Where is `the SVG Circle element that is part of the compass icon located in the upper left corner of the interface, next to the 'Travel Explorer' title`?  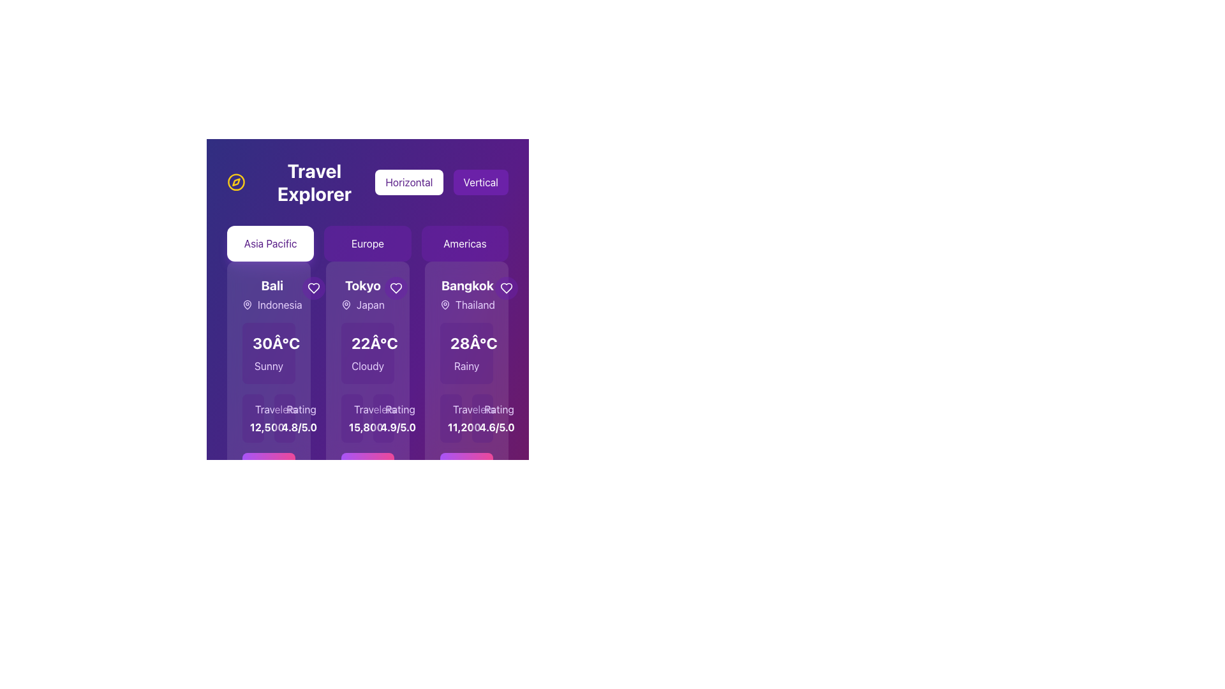 the SVG Circle element that is part of the compass icon located in the upper left corner of the interface, next to the 'Travel Explorer' title is located at coordinates (236, 182).